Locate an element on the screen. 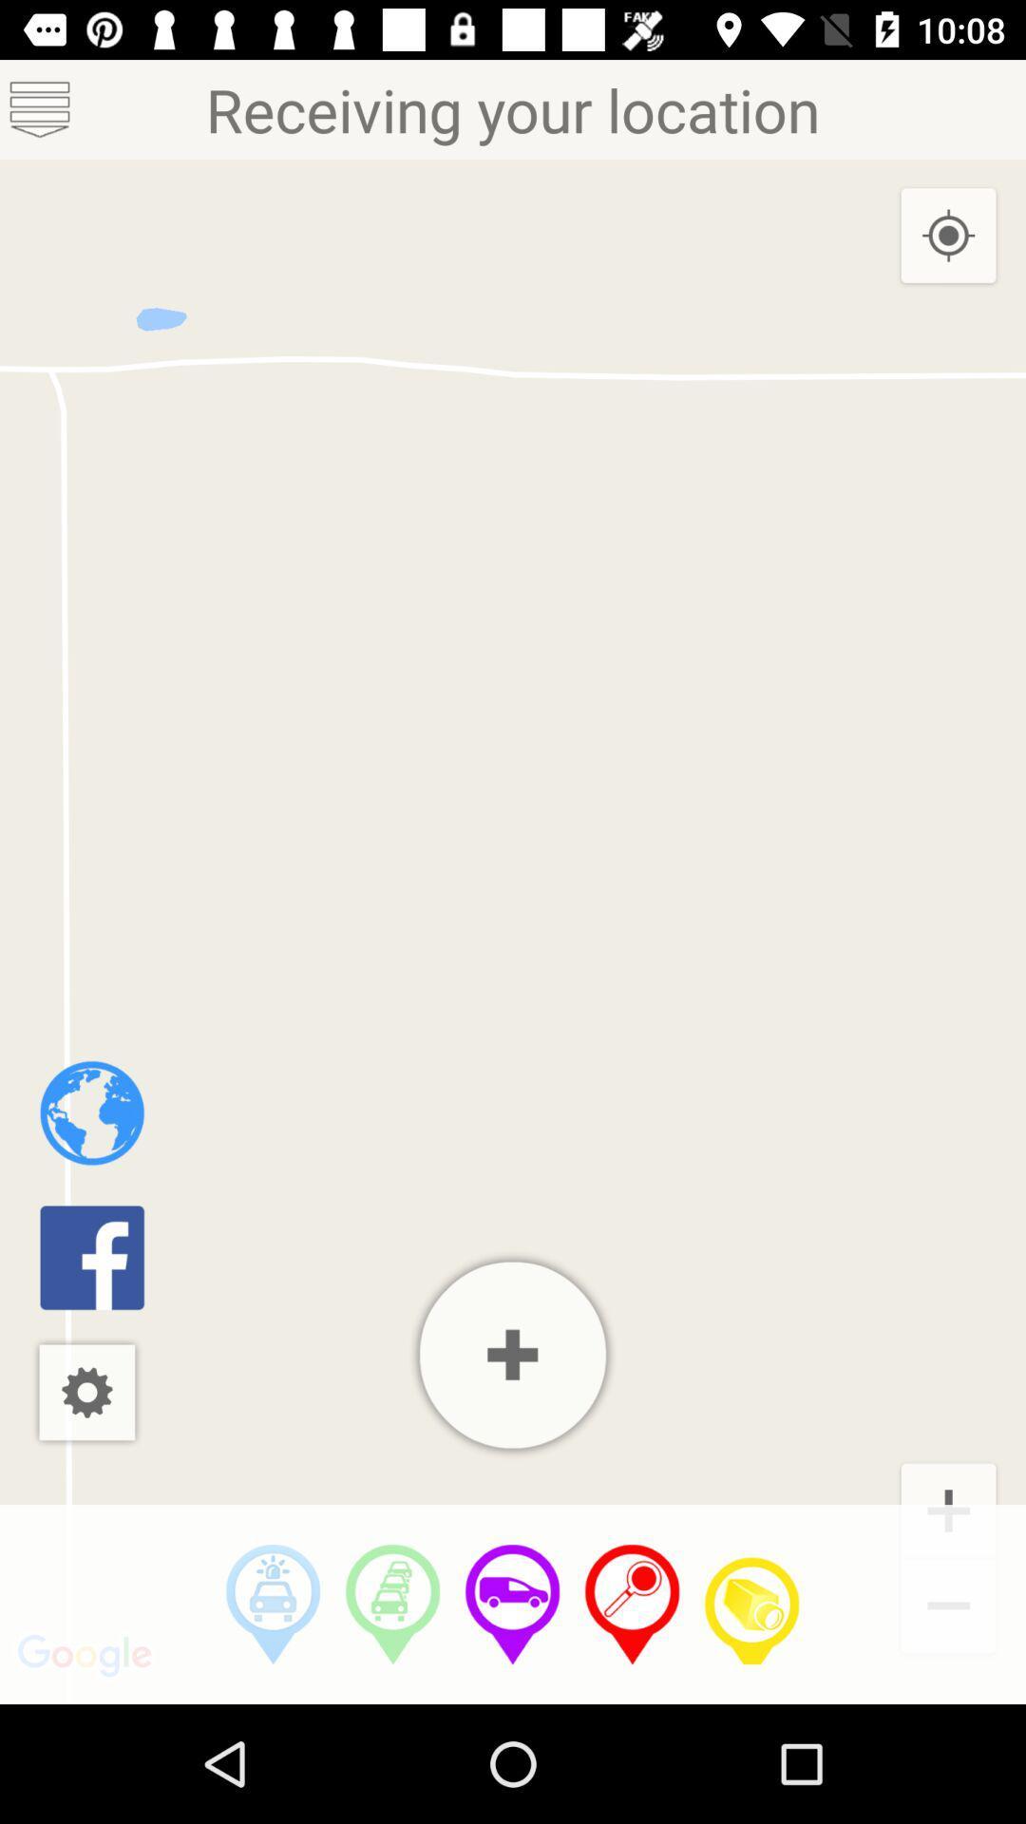  switch to drive mode is located at coordinates (513, 1604).